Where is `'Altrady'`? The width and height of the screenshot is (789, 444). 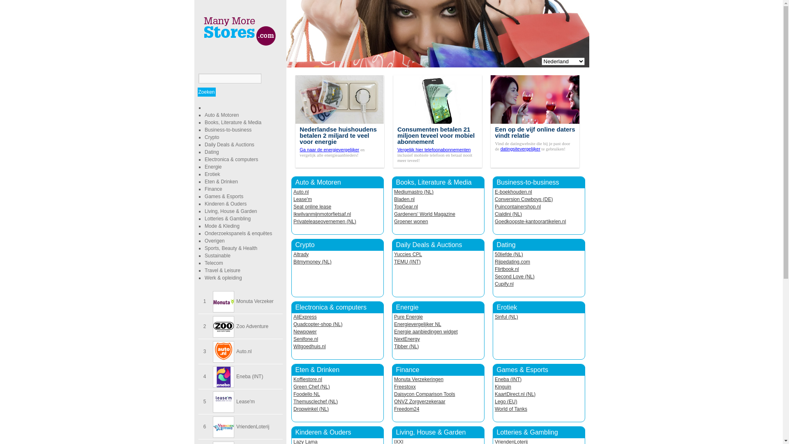 'Altrady' is located at coordinates (300, 254).